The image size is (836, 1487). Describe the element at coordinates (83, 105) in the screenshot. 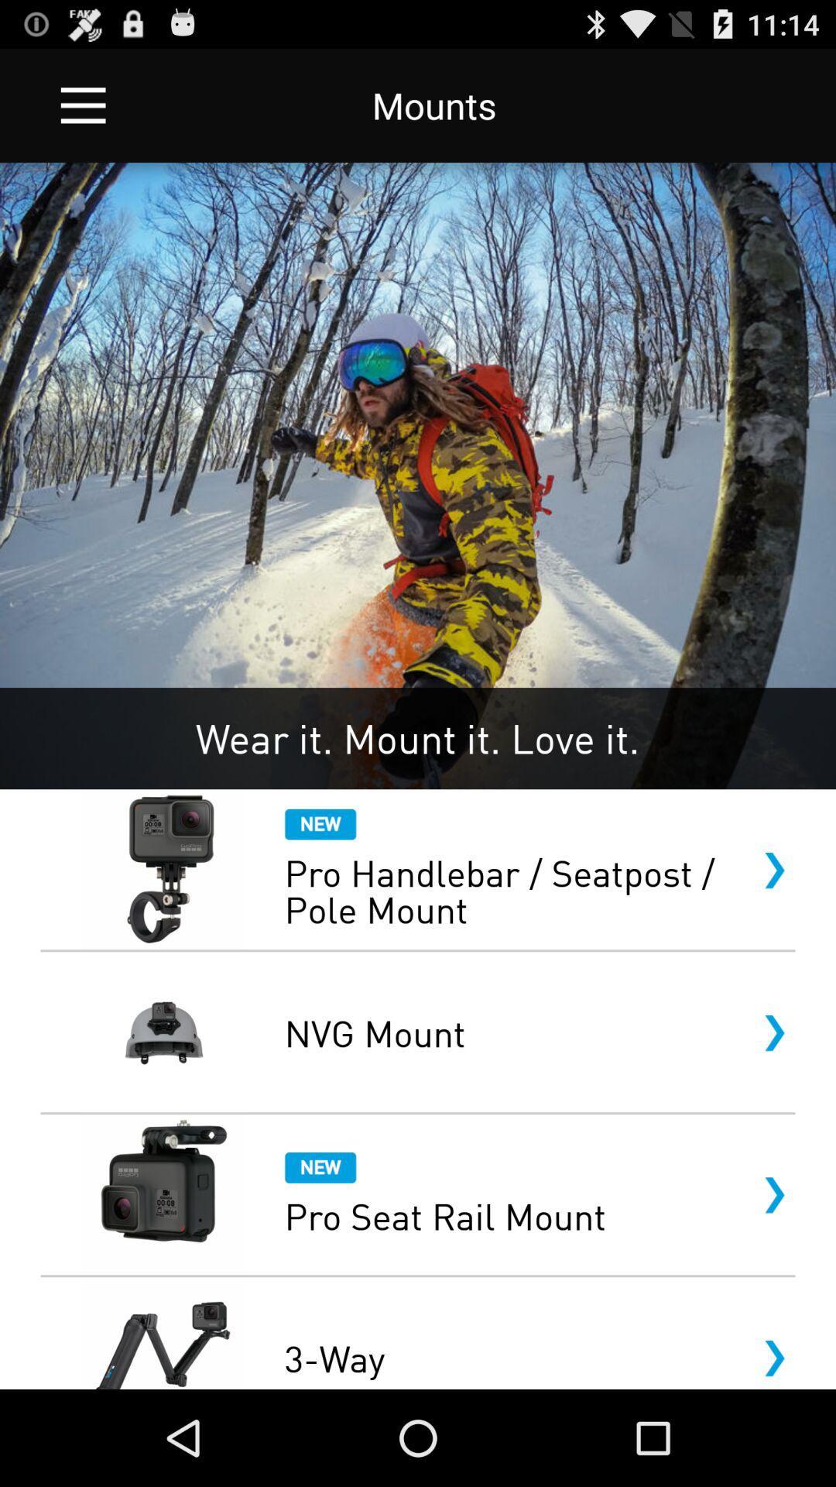

I see `the icon at the top left corner` at that location.